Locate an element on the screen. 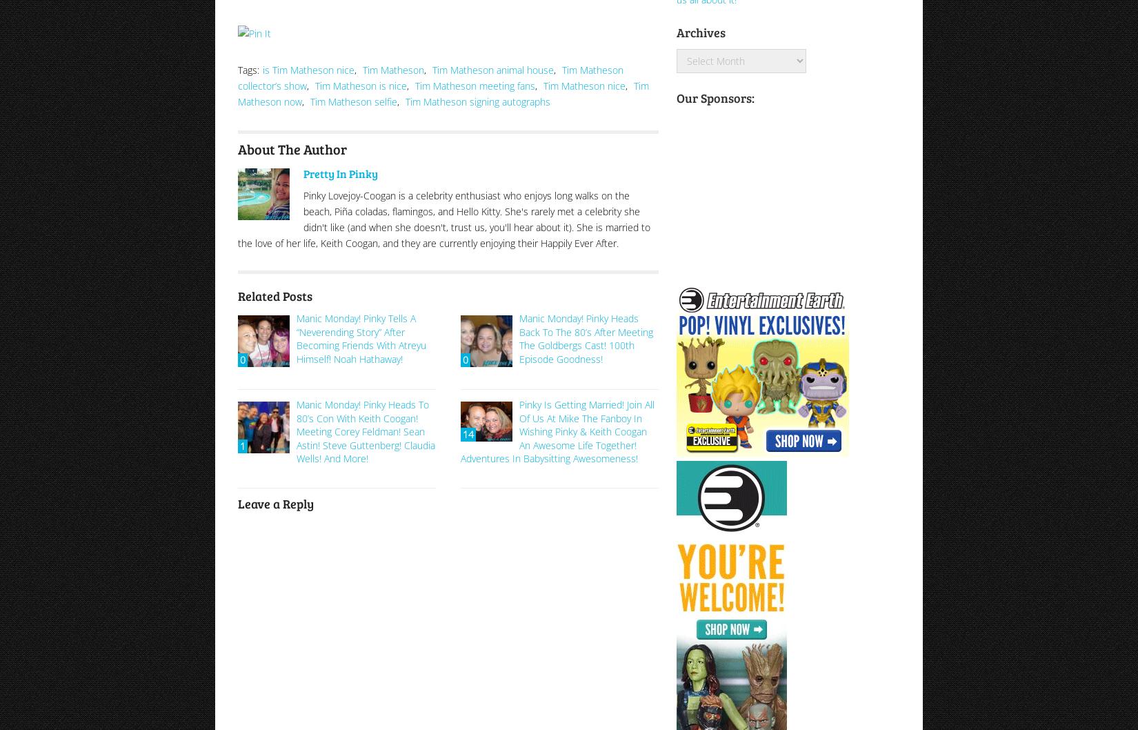 The image size is (1138, 730). '1' is located at coordinates (242, 444).